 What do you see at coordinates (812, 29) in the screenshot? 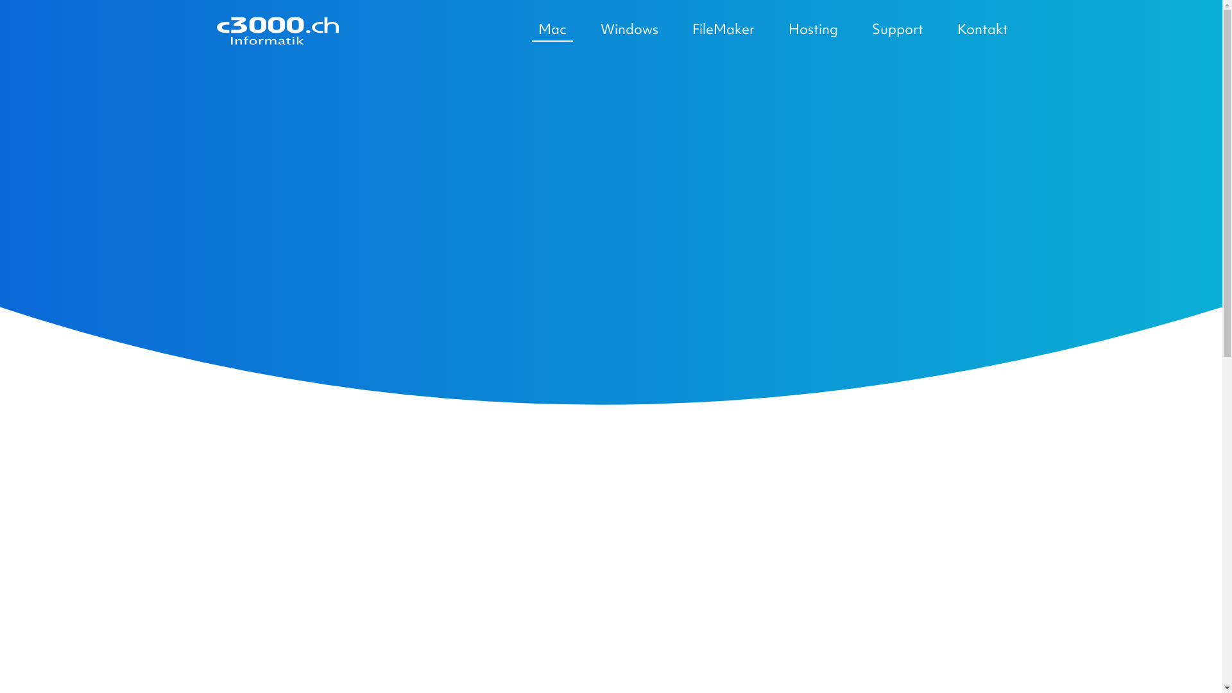
I see `'Hosting'` at bounding box center [812, 29].